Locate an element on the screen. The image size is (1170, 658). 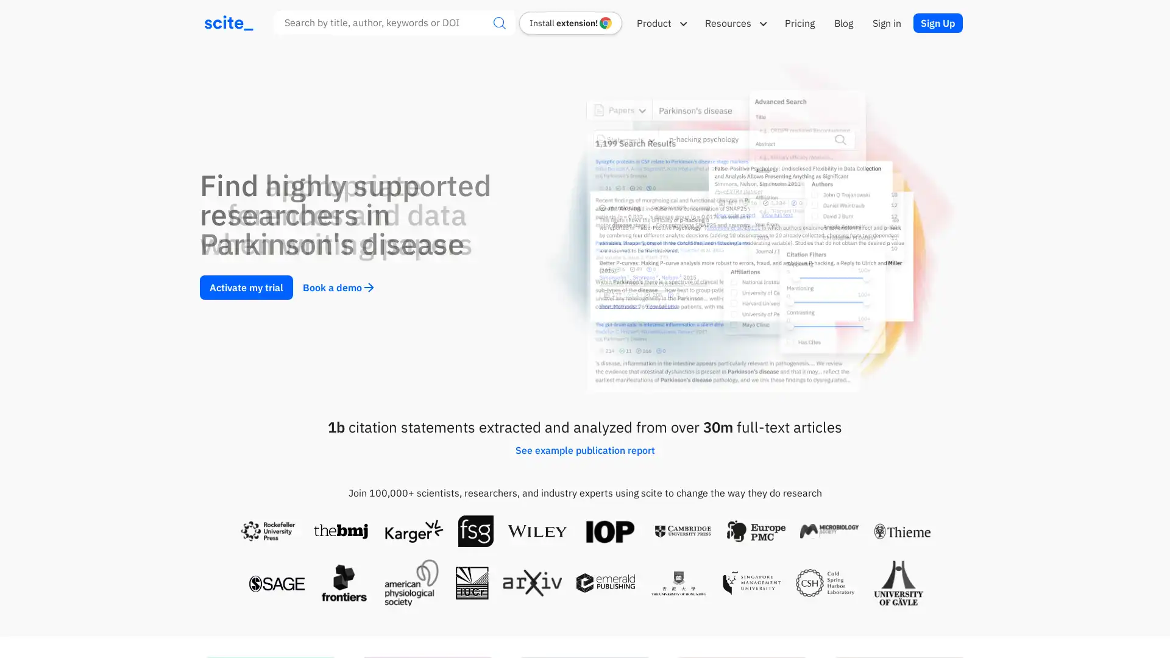
Activate my trial is located at coordinates (246, 287).